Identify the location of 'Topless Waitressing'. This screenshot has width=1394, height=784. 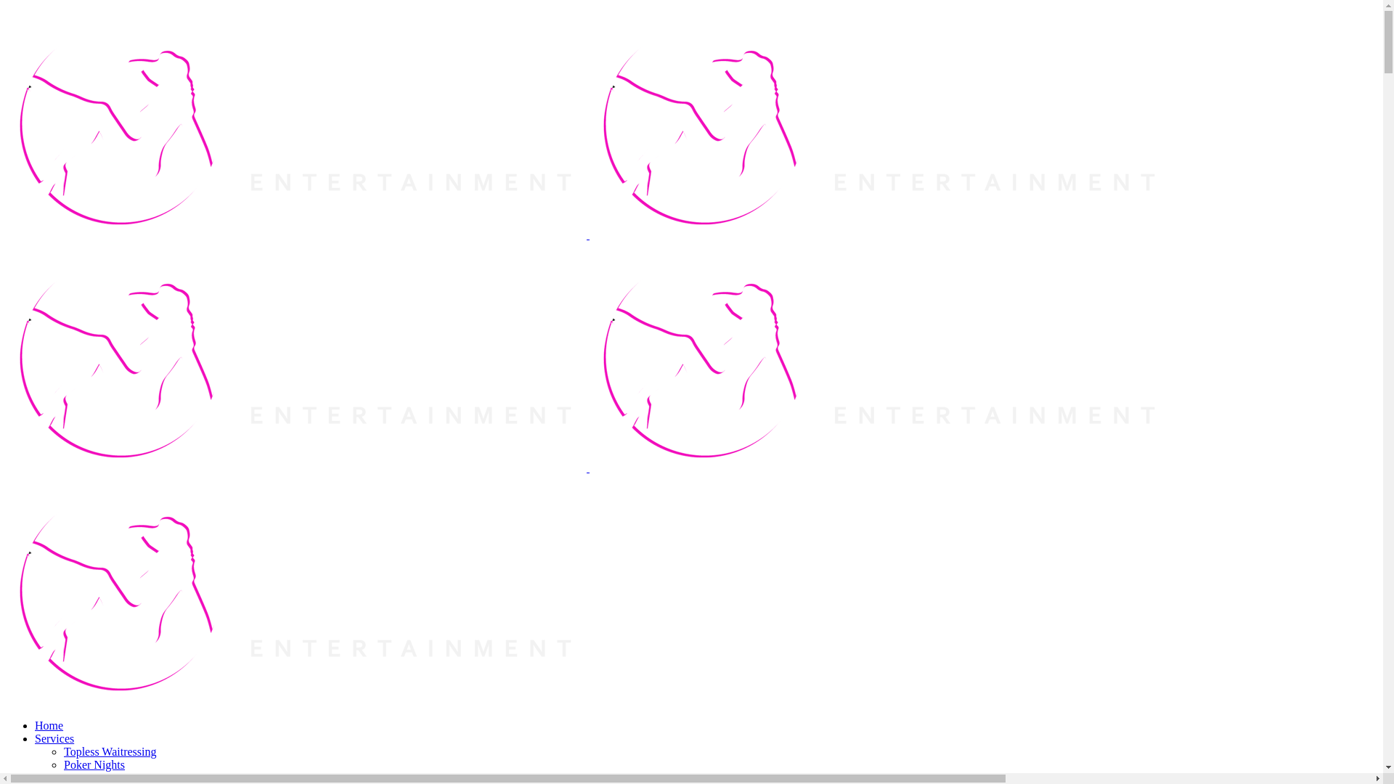
(110, 751).